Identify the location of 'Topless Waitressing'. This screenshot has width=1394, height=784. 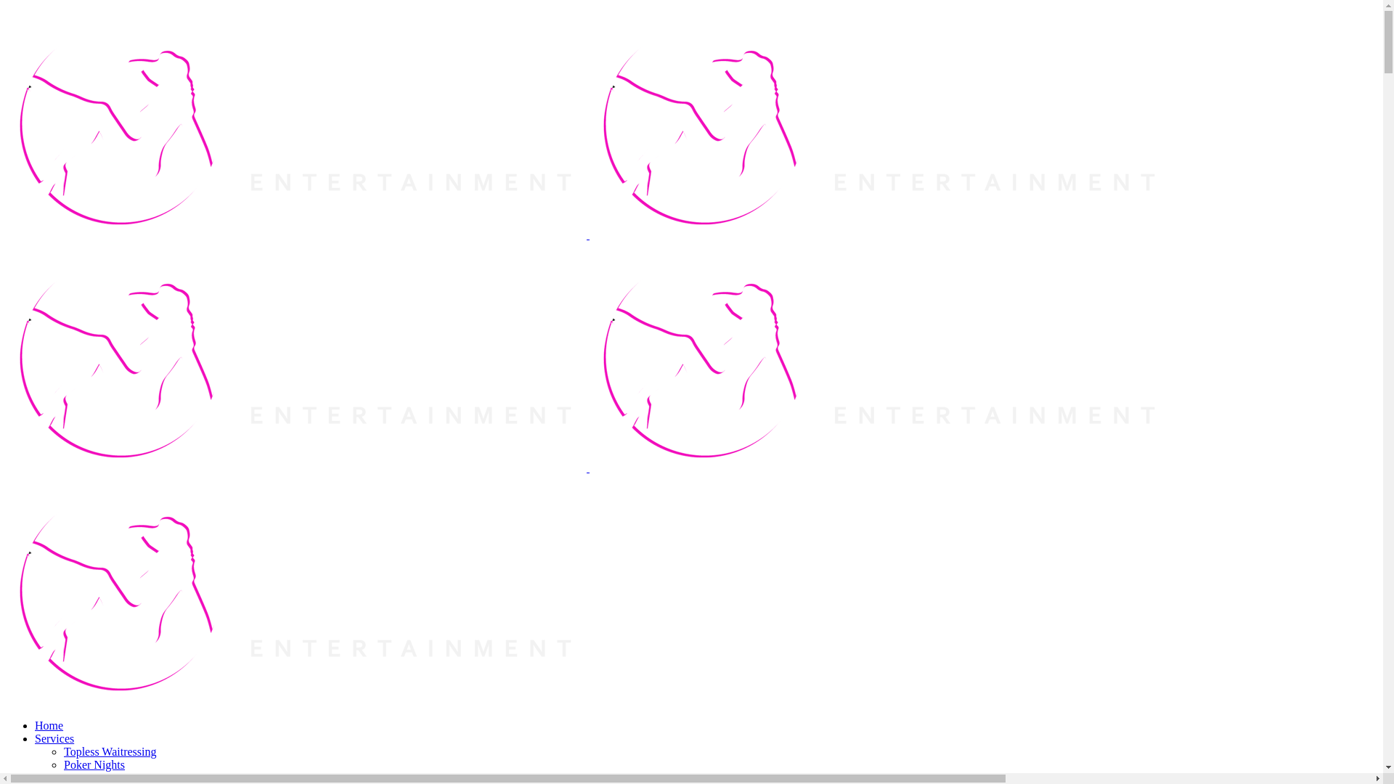
(110, 751).